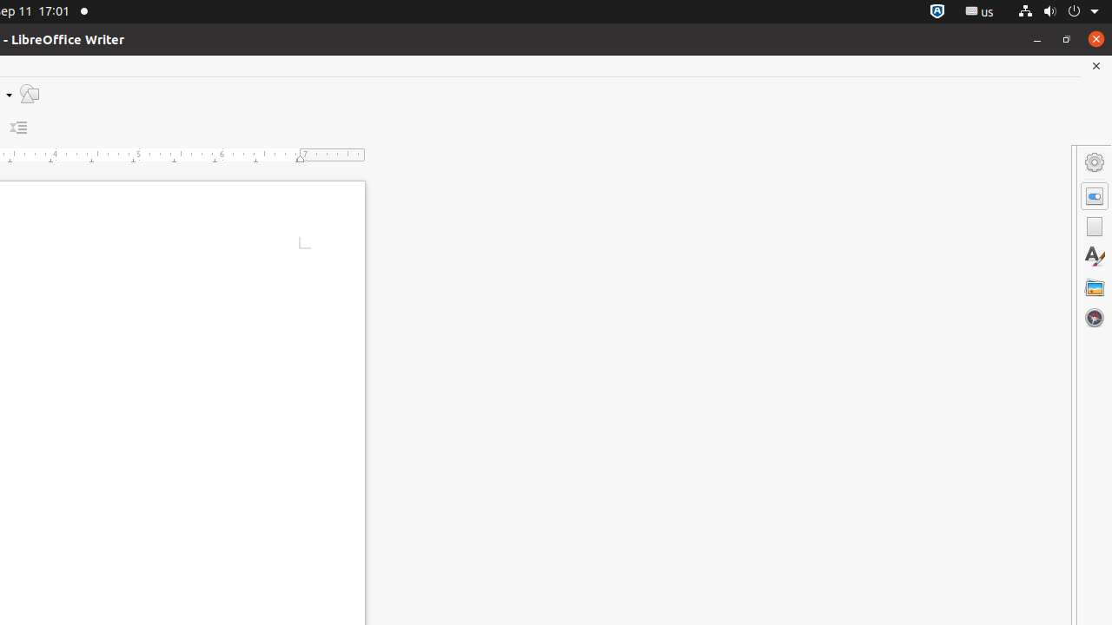  Describe the element at coordinates (1094, 317) in the screenshot. I see `'Navigator'` at that location.